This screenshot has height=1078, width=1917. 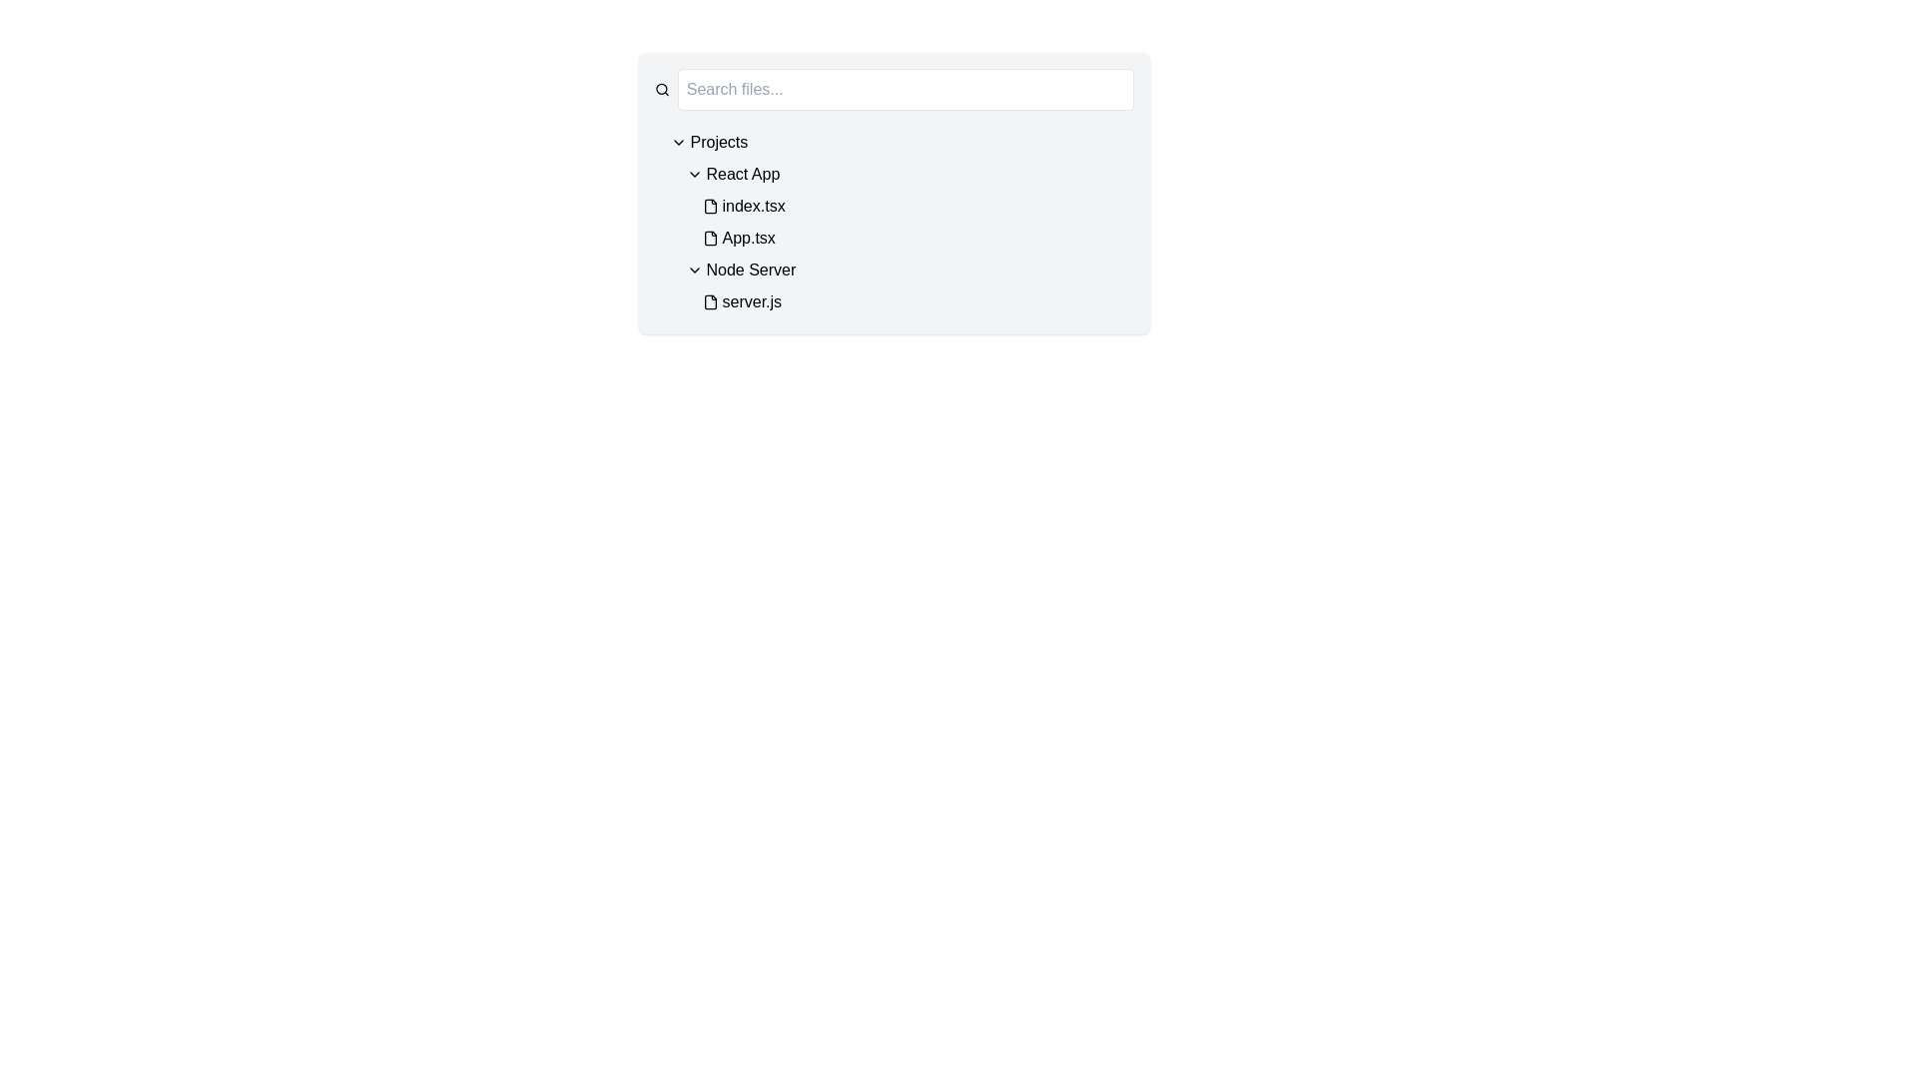 I want to click on the text label displaying the filename 'server.js', so click(x=751, y=302).